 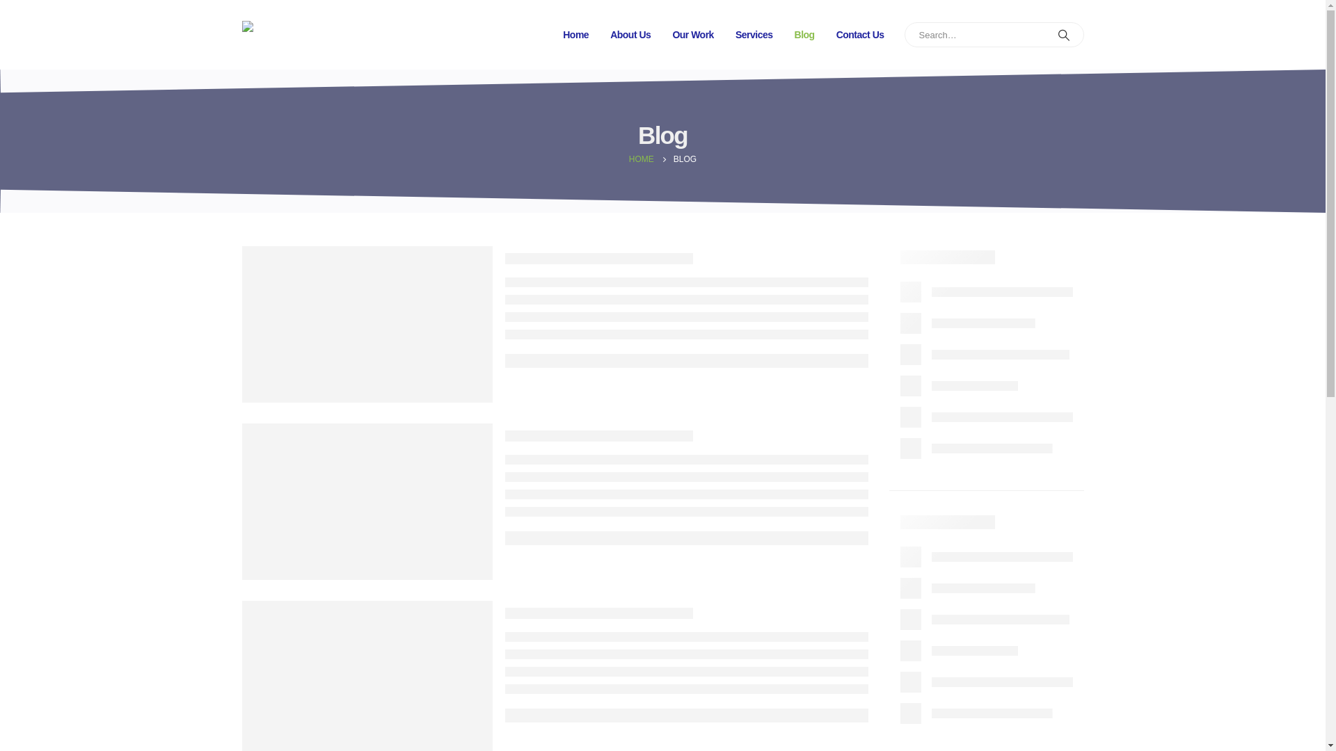 I want to click on 'About Us', so click(x=630, y=34).